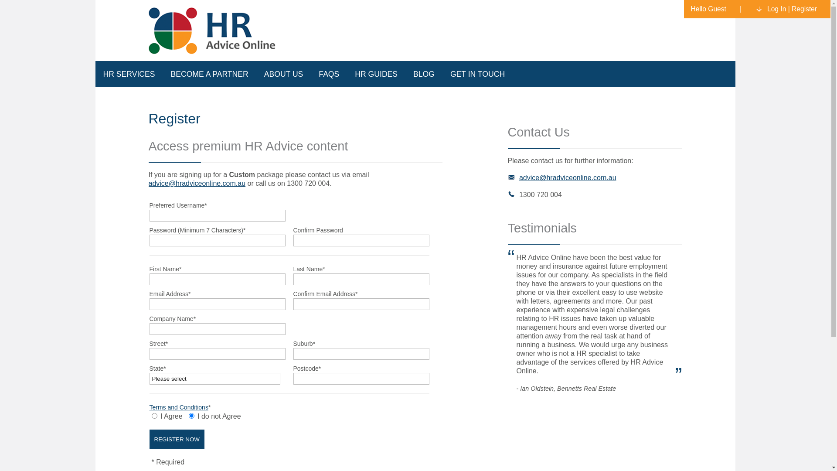 The width and height of the screenshot is (837, 471). What do you see at coordinates (405, 73) in the screenshot?
I see `'BLOG'` at bounding box center [405, 73].